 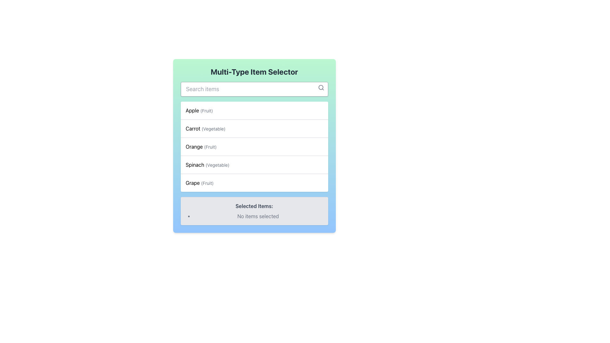 I want to click on the text label that displays 'No items selected', which is styled in gray color and located beneath the 'Selected Items:' label, so click(x=258, y=216).